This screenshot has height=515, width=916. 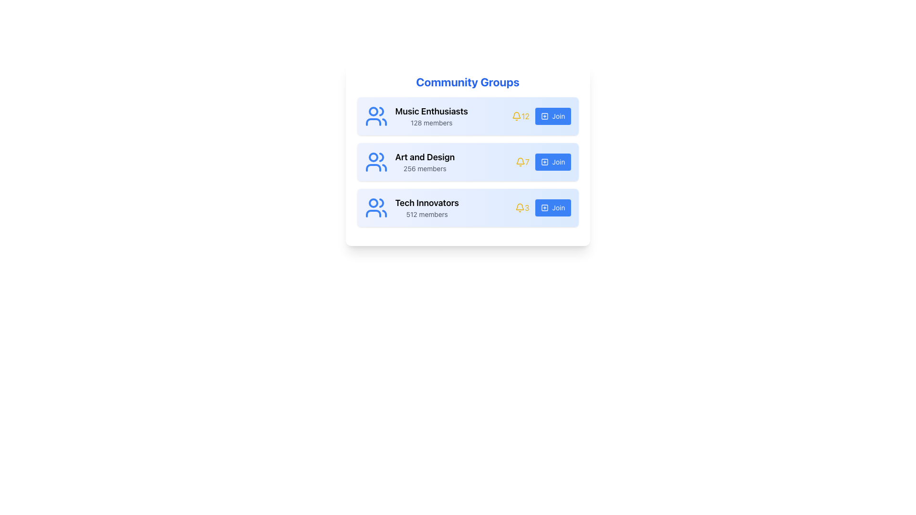 I want to click on the minimalist blue human figures icon located to the left of the 'Tech Innovators' text in the community groups list, so click(x=375, y=207).